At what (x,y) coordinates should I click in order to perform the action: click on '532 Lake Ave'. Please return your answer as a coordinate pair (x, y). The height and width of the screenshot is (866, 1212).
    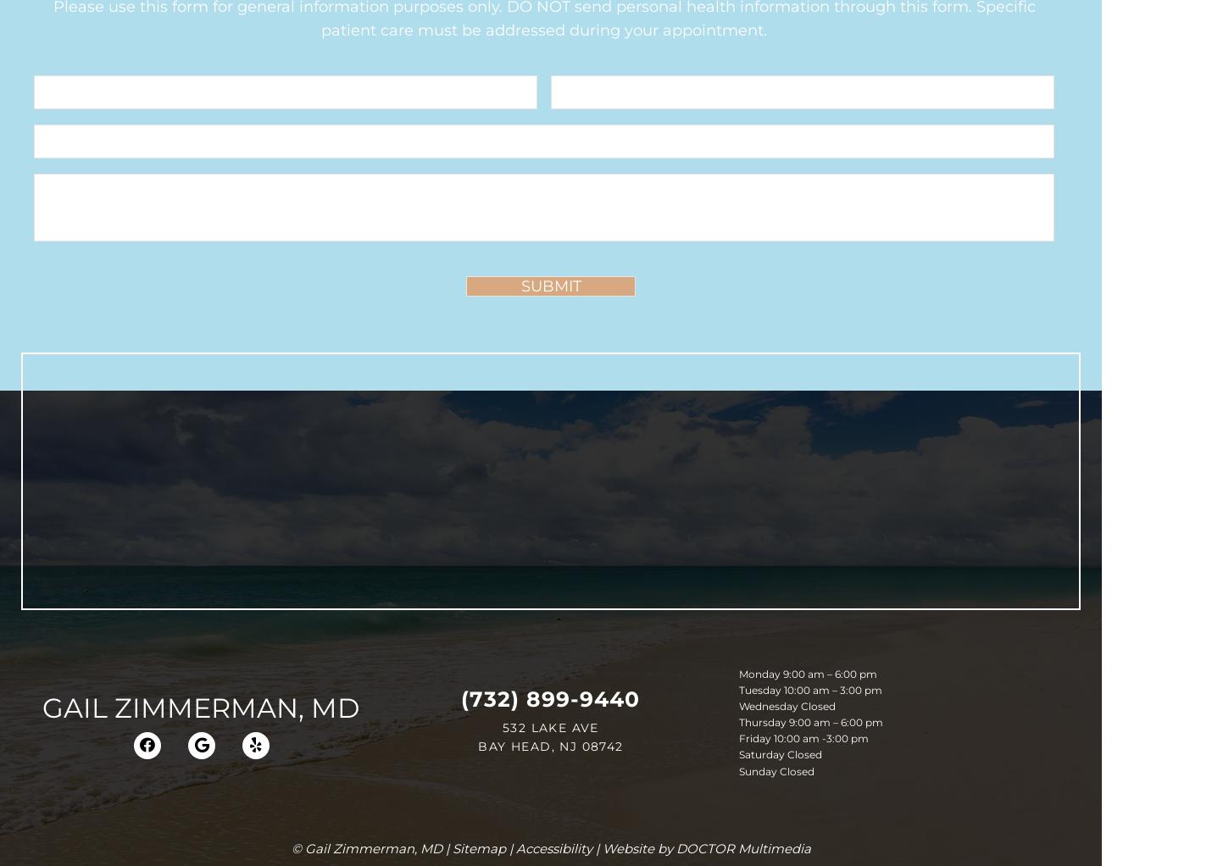
    Looking at the image, I should click on (550, 726).